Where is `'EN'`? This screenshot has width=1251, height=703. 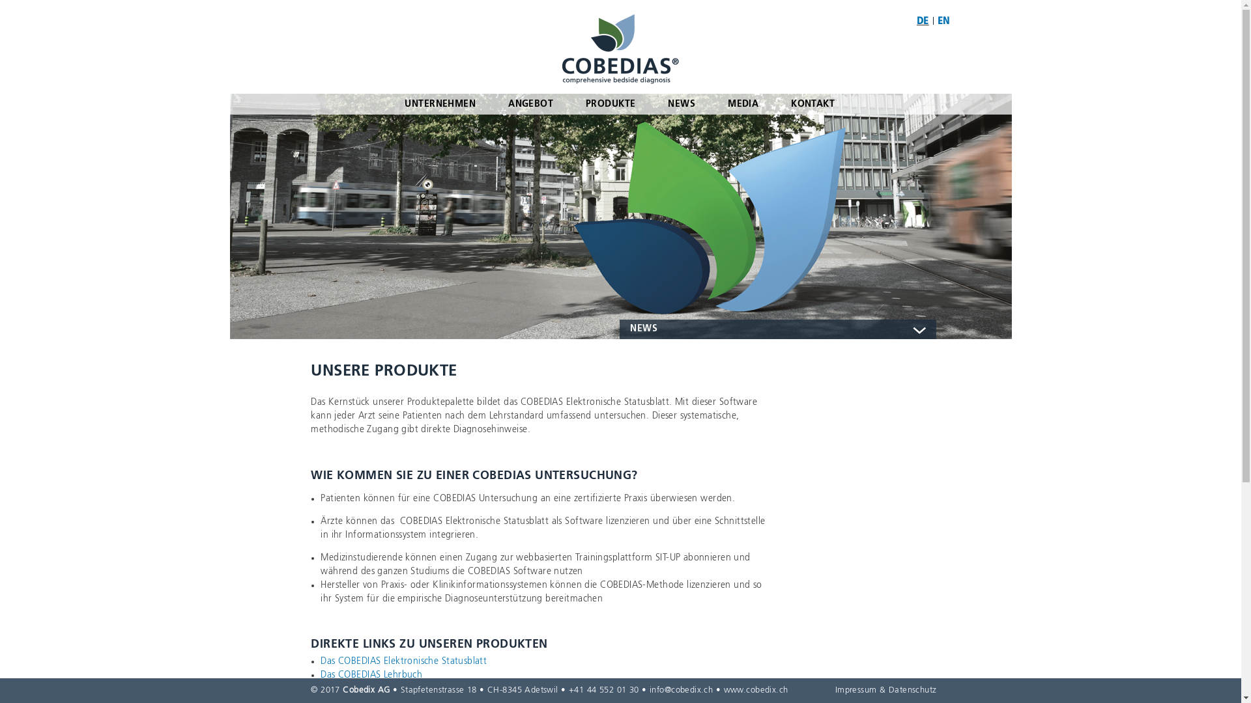 'EN' is located at coordinates (943, 21).